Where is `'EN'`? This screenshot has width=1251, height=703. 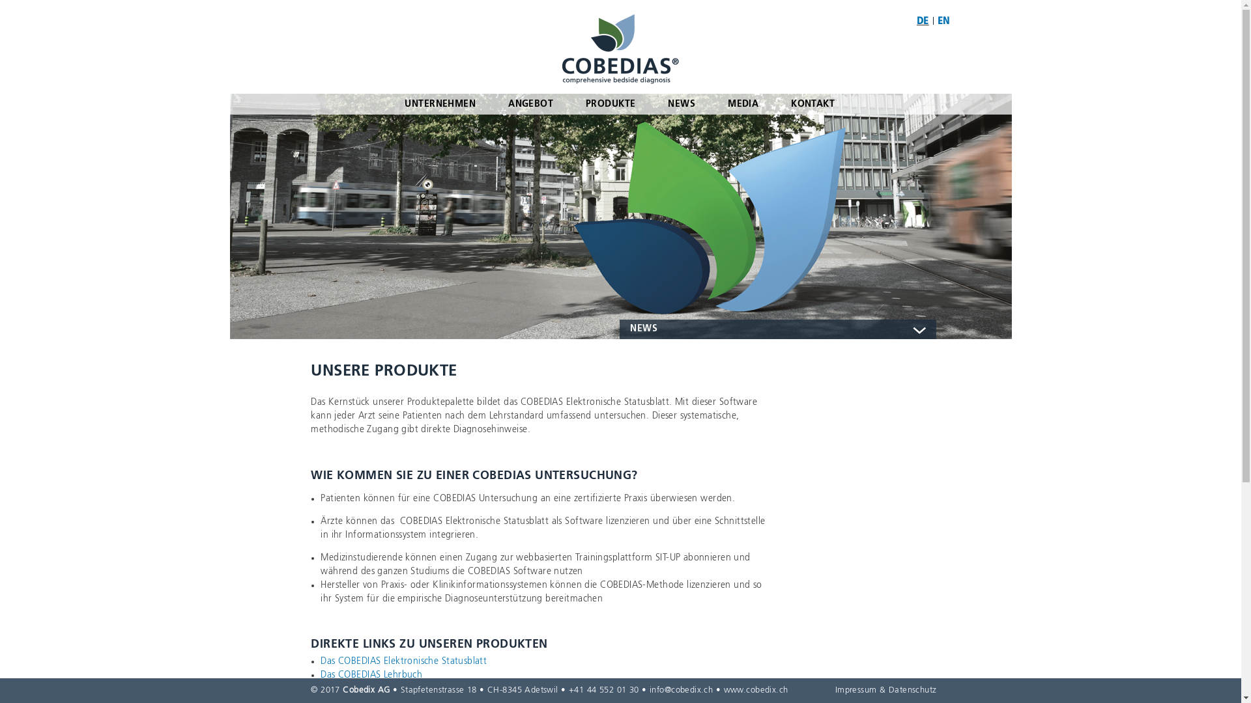 'EN' is located at coordinates (943, 21).